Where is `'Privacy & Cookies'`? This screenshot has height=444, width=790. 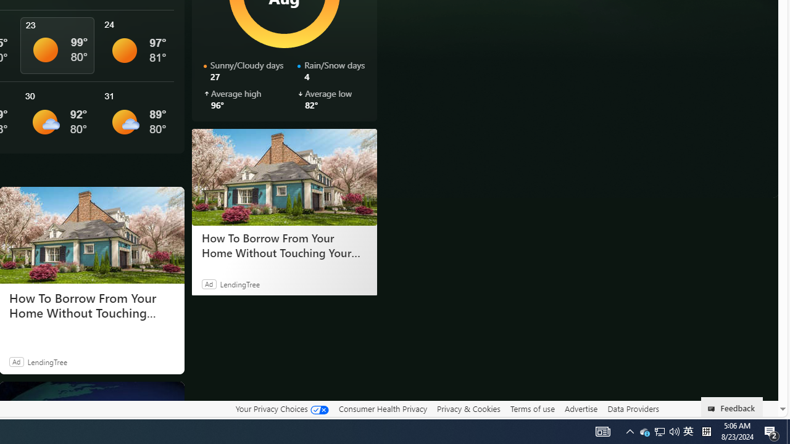
'Privacy & Cookies' is located at coordinates (468, 409).